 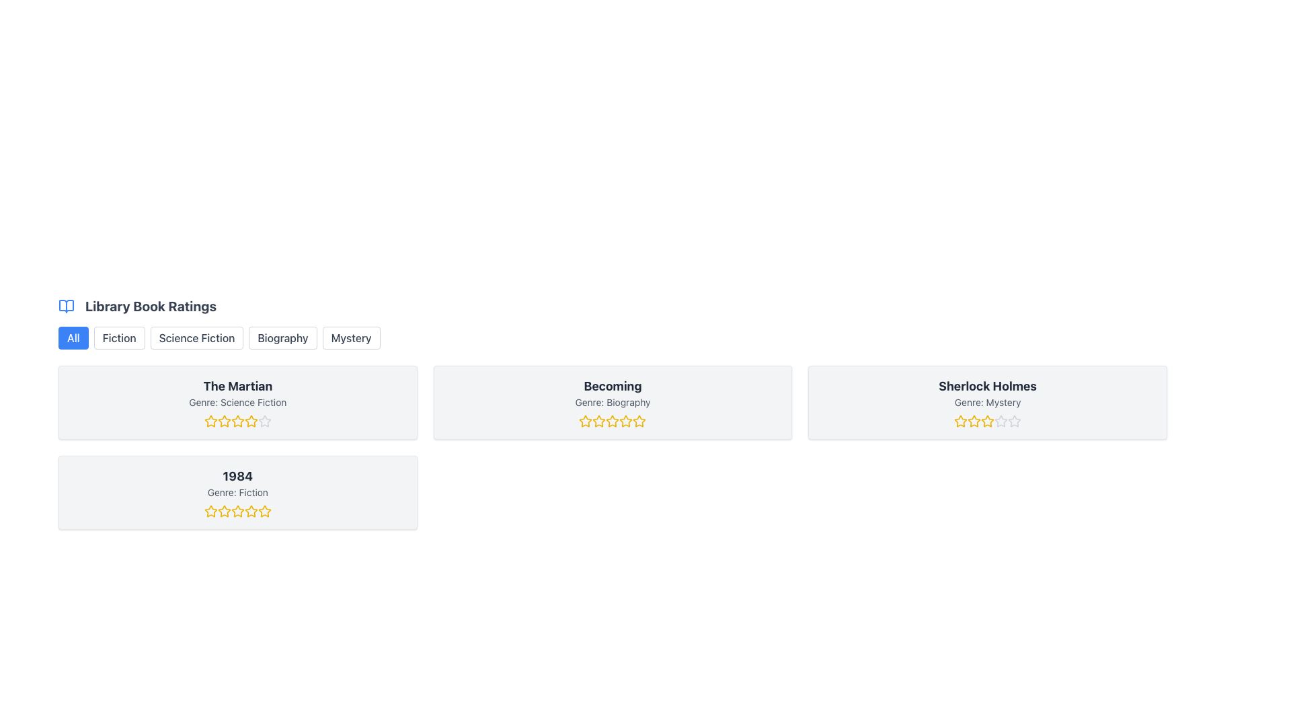 I want to click on the fourth yellow star icon in the rating section of the '1984' book card, so click(x=237, y=511).